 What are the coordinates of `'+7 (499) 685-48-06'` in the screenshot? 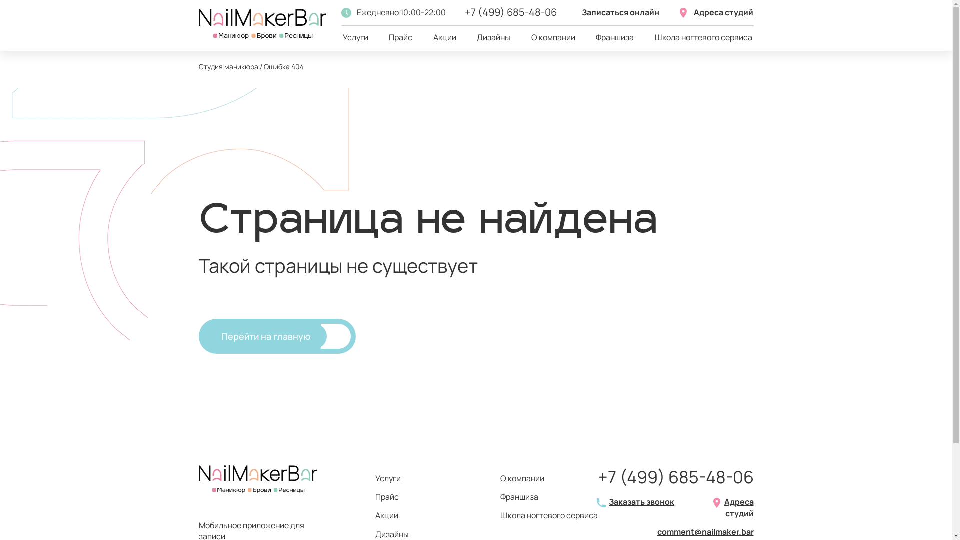 It's located at (676, 477).